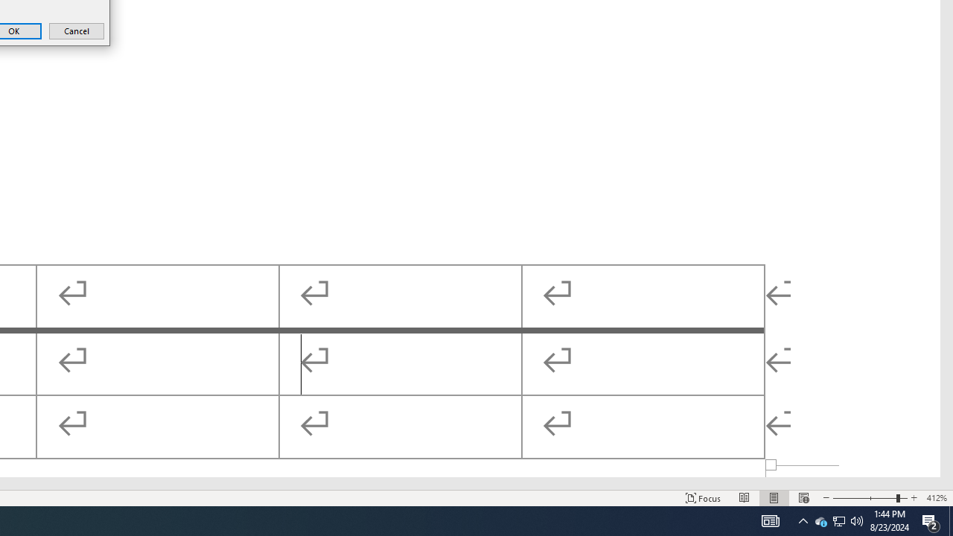 The image size is (953, 536). What do you see at coordinates (936, 498) in the screenshot?
I see `'Zoom 412%'` at bounding box center [936, 498].